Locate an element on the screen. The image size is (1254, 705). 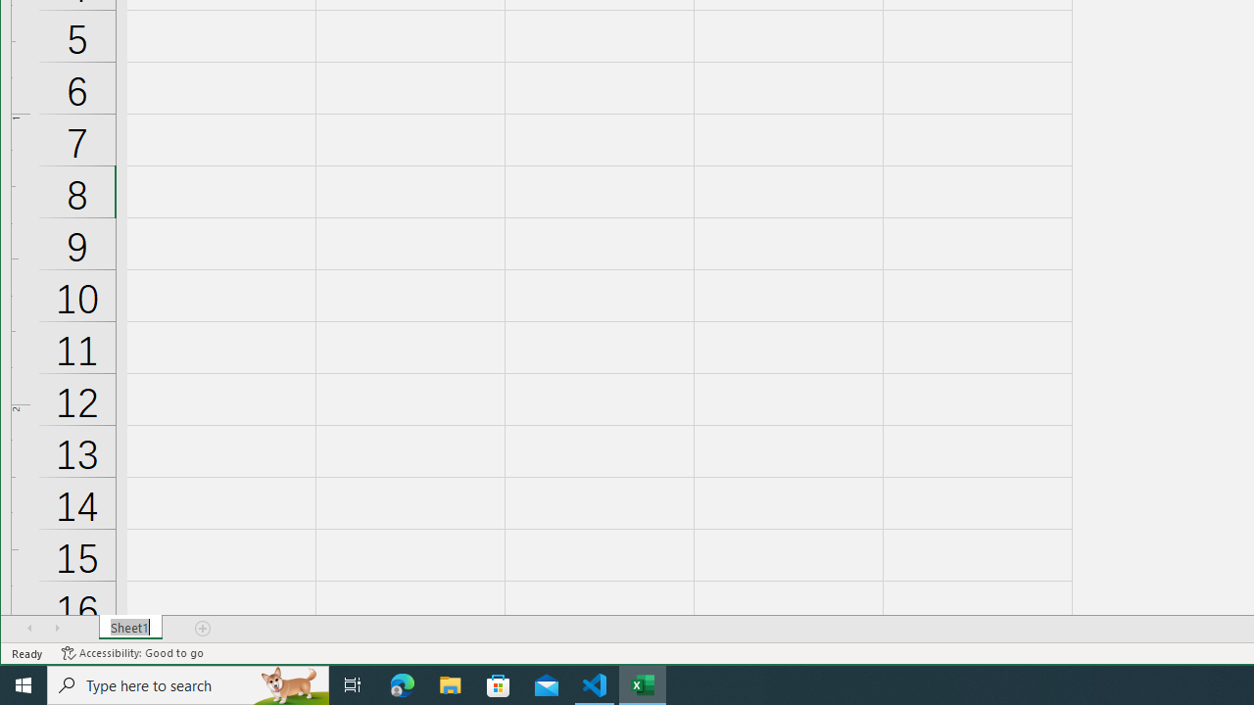
'File Explorer' is located at coordinates (450, 683).